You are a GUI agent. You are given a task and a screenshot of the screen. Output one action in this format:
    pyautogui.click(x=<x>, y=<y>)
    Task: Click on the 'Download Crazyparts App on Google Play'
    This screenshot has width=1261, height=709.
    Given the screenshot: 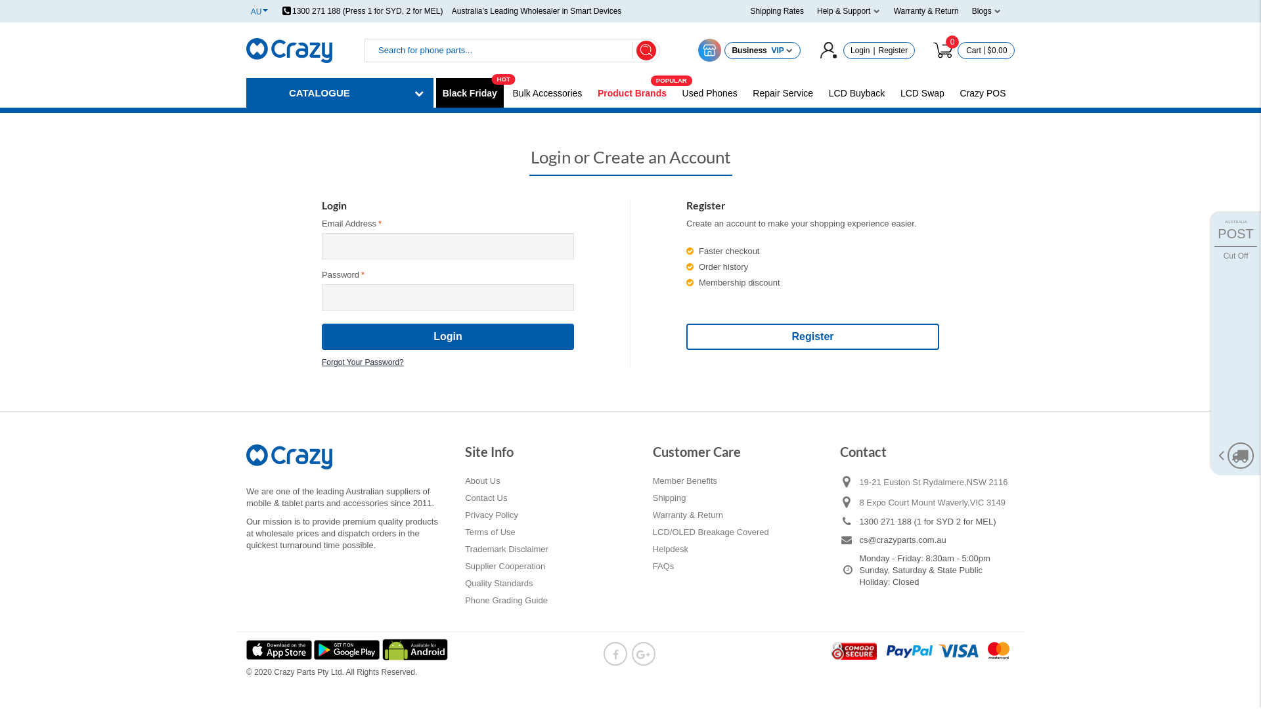 What is the action you would take?
    pyautogui.click(x=381, y=648)
    